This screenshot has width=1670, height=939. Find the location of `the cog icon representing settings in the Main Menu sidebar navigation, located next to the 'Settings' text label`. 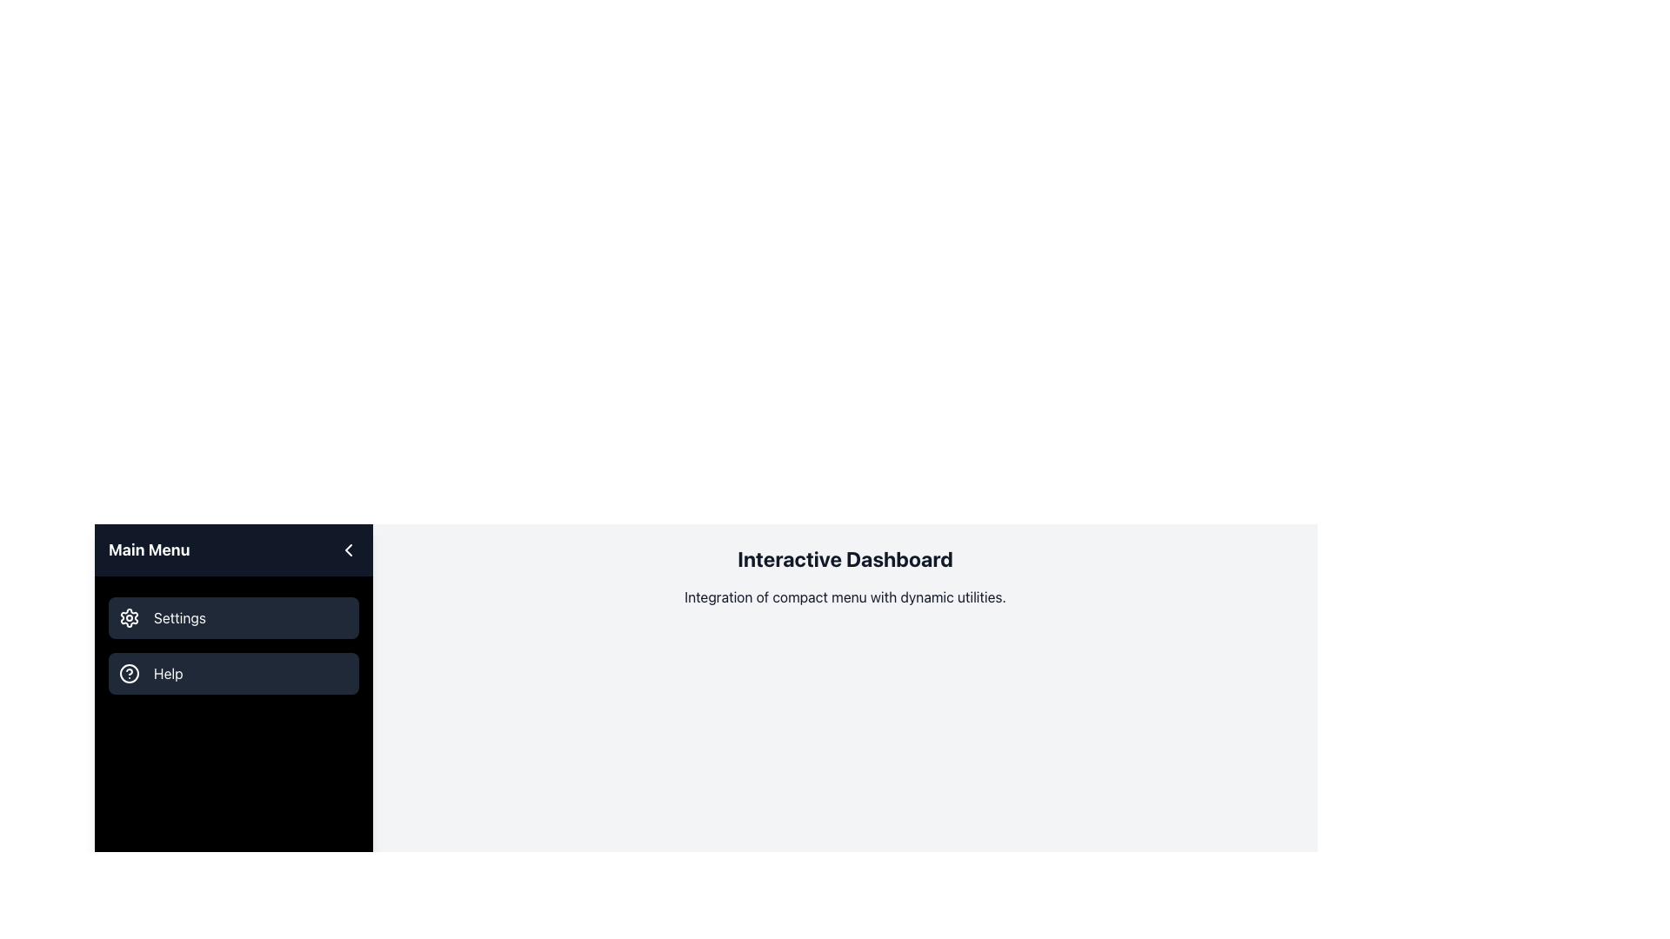

the cog icon representing settings in the Main Menu sidebar navigation, located next to the 'Settings' text label is located at coordinates (128, 616).